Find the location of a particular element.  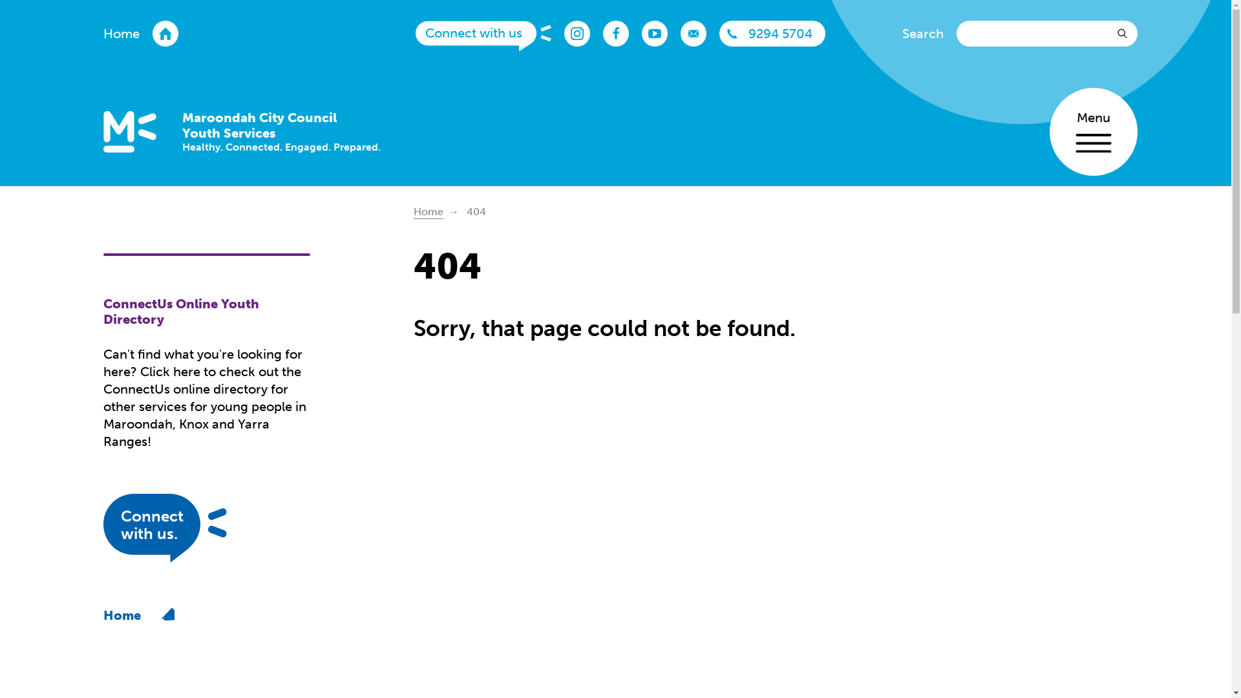

'Home' is located at coordinates (412, 211).